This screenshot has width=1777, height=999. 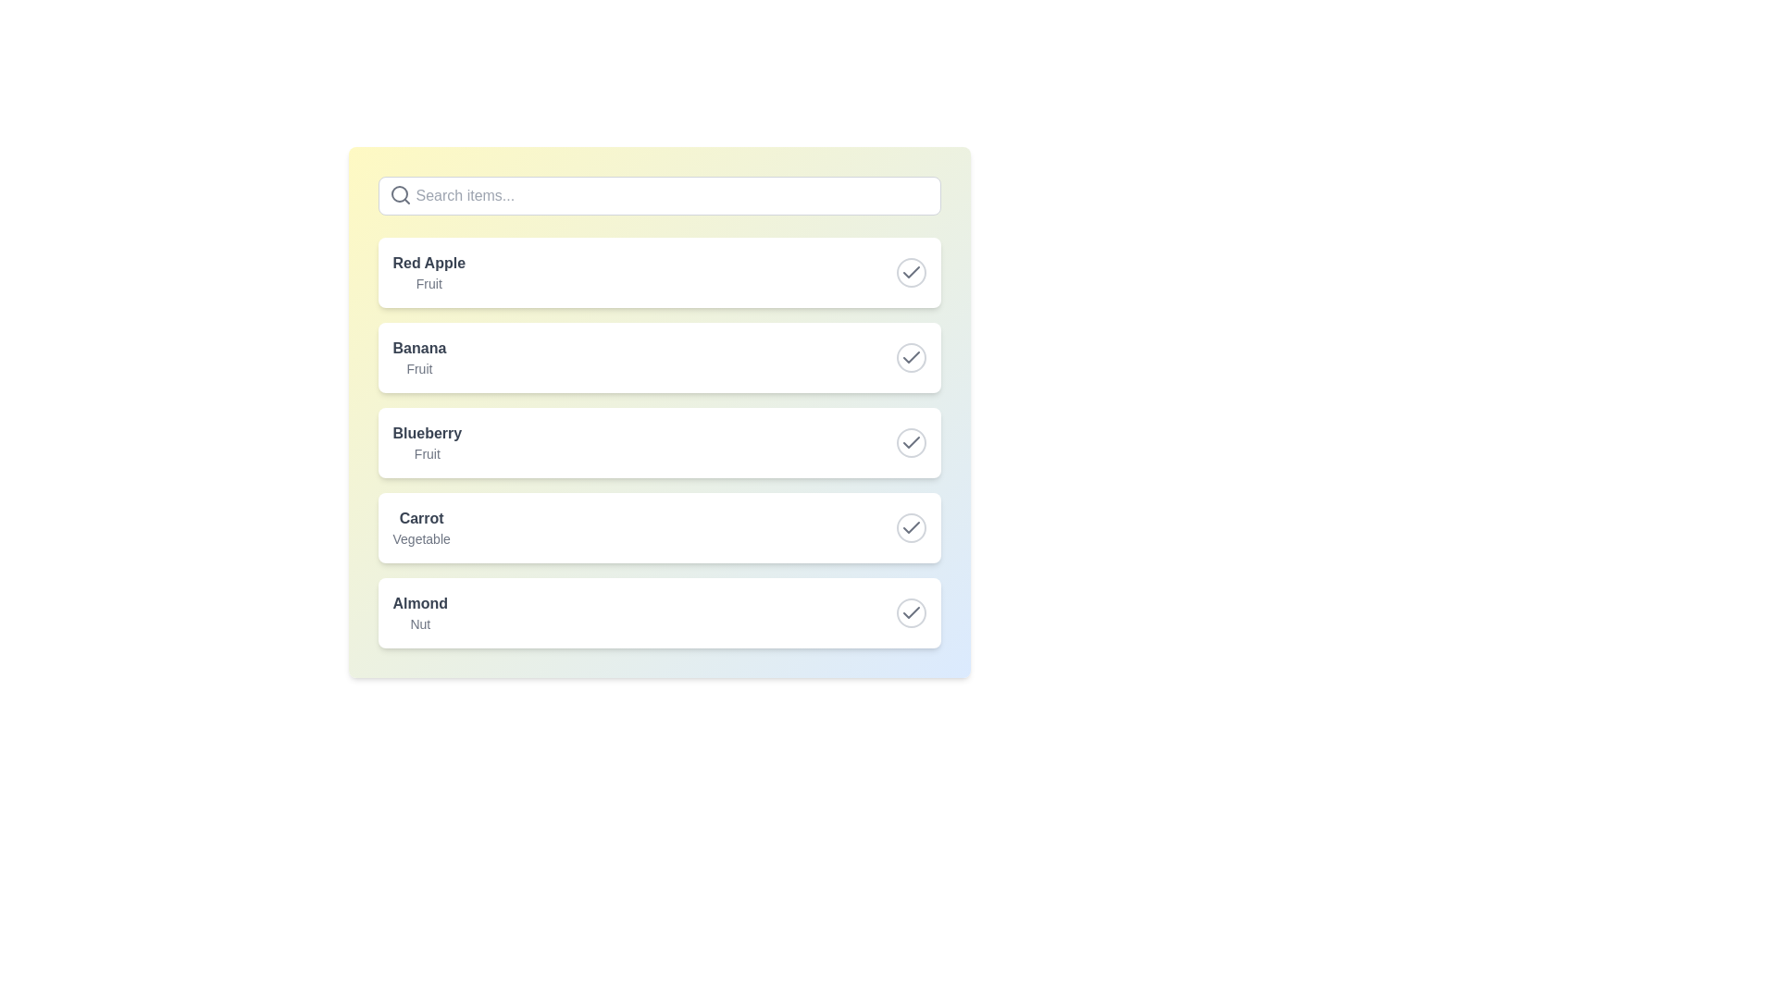 What do you see at coordinates (426, 453) in the screenshot?
I see `the text label displaying 'Fruit' in a small, gray-colored font, located beneath 'Blueberry' within the fourth list item` at bounding box center [426, 453].